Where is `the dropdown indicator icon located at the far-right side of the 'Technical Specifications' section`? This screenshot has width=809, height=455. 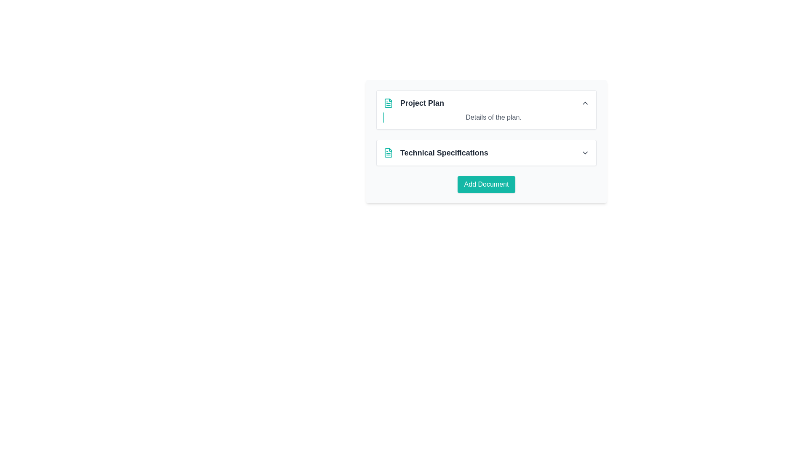
the dropdown indicator icon located at the far-right side of the 'Technical Specifications' section is located at coordinates (584, 153).